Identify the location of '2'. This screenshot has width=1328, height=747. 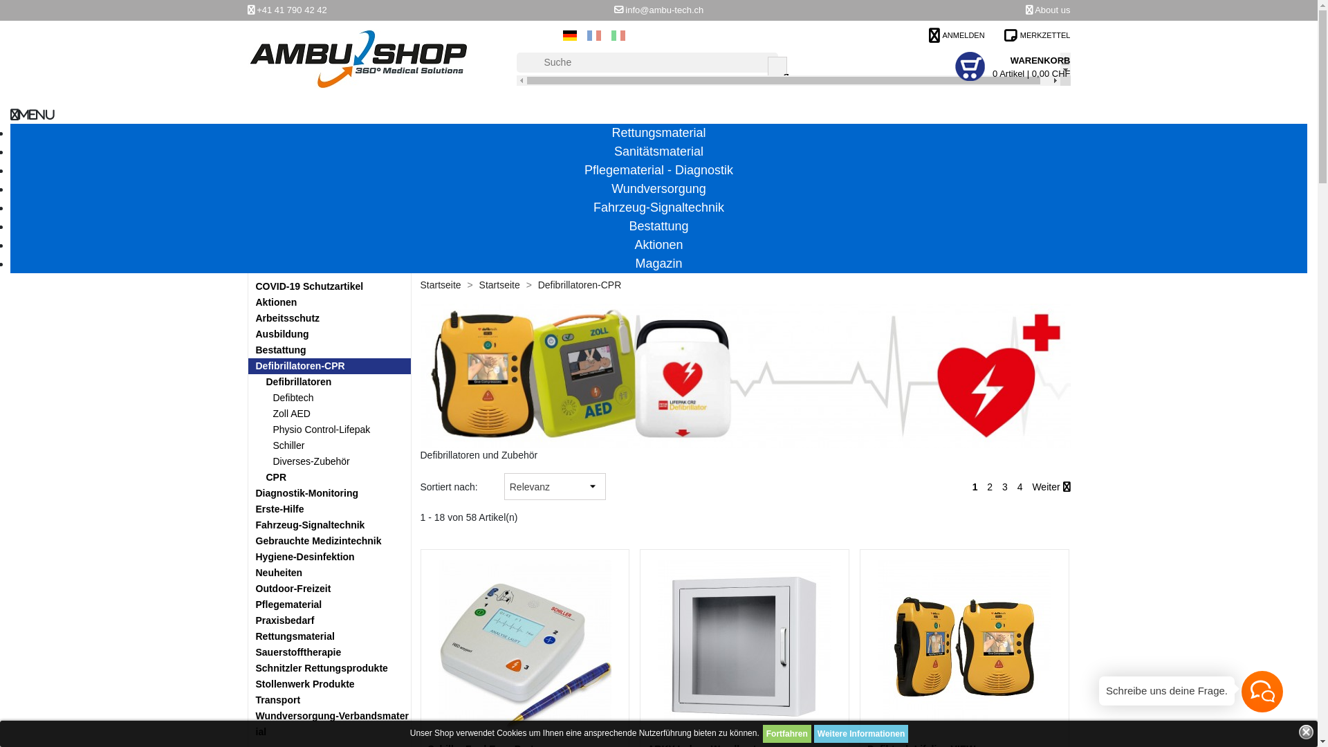
(988, 486).